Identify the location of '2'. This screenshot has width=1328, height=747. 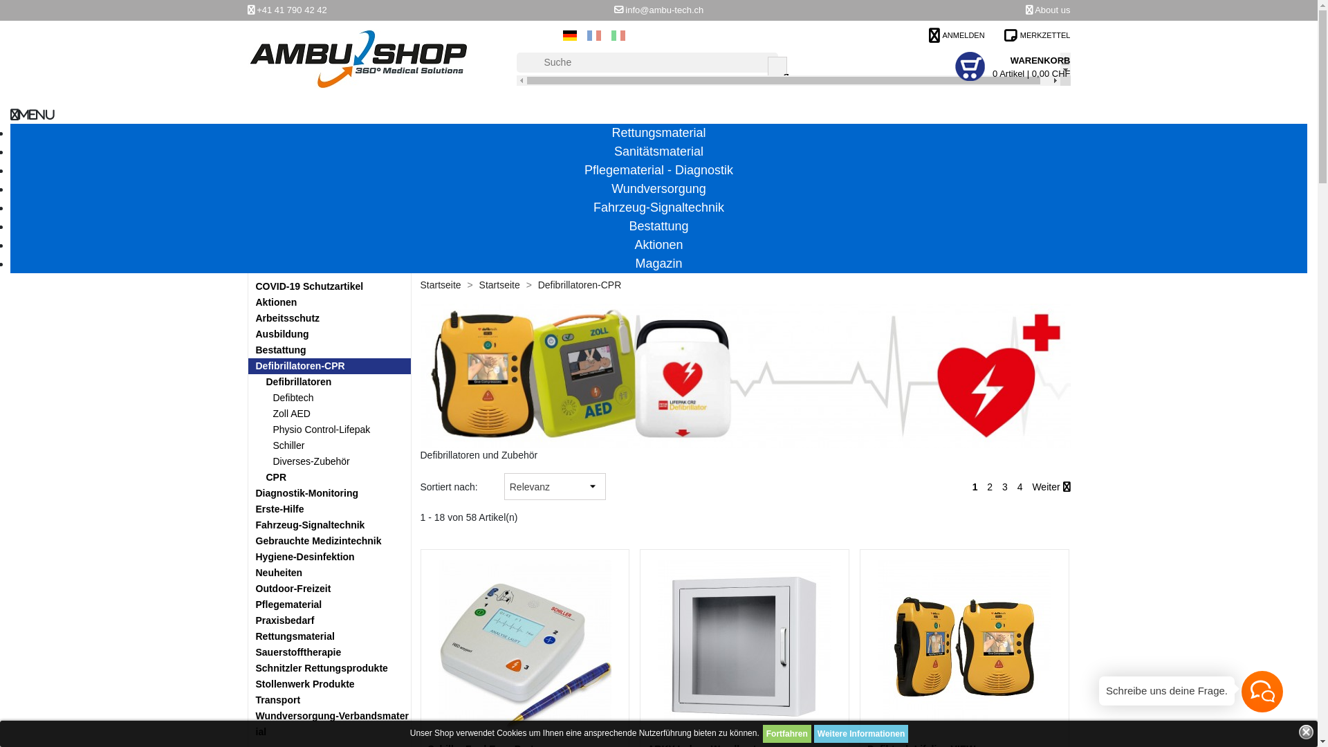
(988, 486).